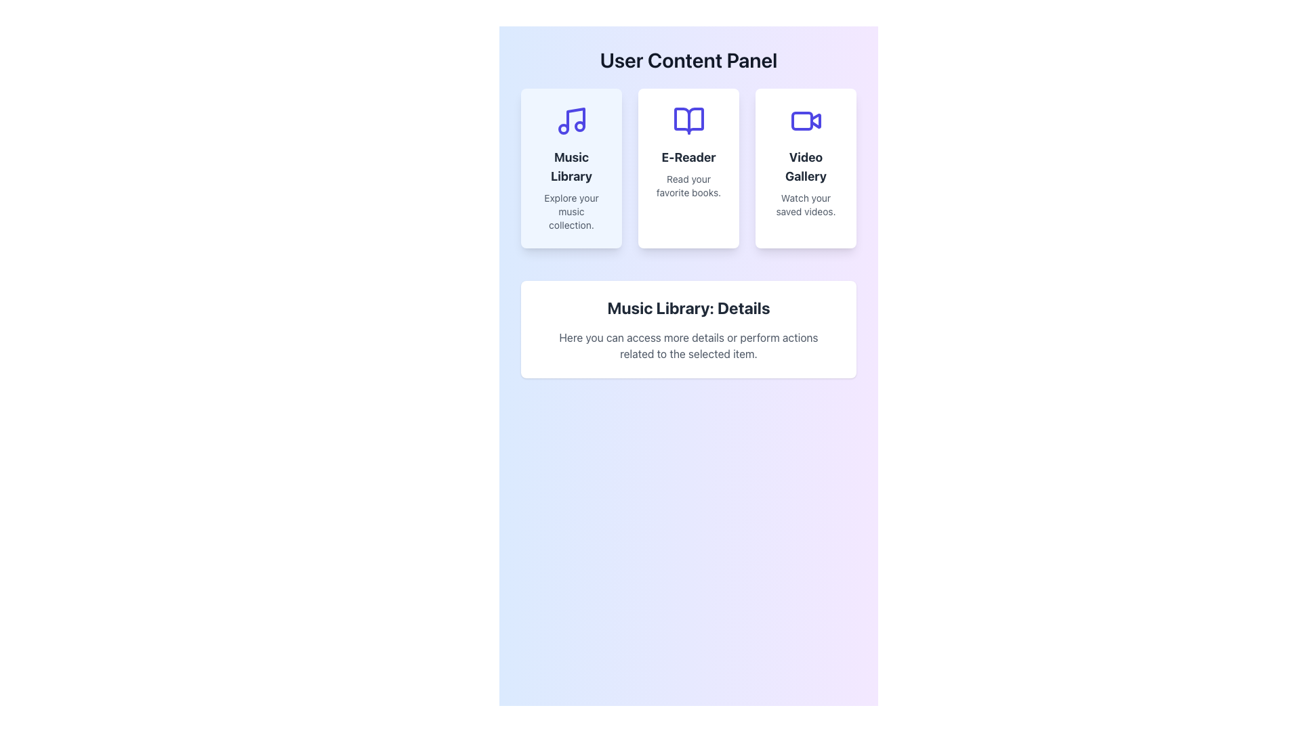 Image resolution: width=1301 pixels, height=731 pixels. I want to click on the text label displaying 'Watch your saved videos.' located below the 'Video Gallery' header in the top-right corner of the main content area, so click(806, 205).